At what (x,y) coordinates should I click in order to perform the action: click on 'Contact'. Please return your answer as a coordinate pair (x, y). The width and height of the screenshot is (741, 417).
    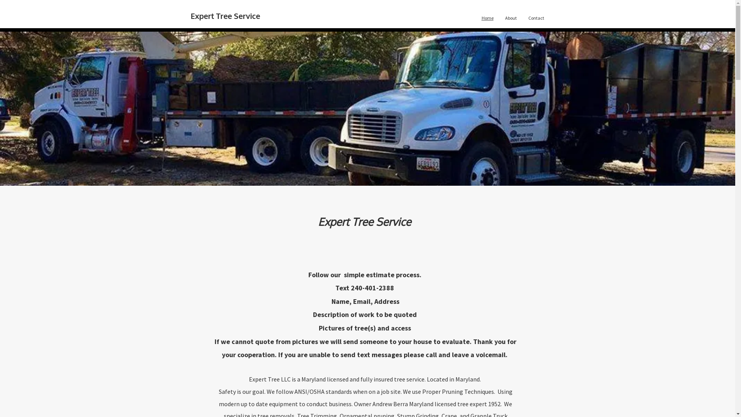
    Looking at the image, I should click on (522, 17).